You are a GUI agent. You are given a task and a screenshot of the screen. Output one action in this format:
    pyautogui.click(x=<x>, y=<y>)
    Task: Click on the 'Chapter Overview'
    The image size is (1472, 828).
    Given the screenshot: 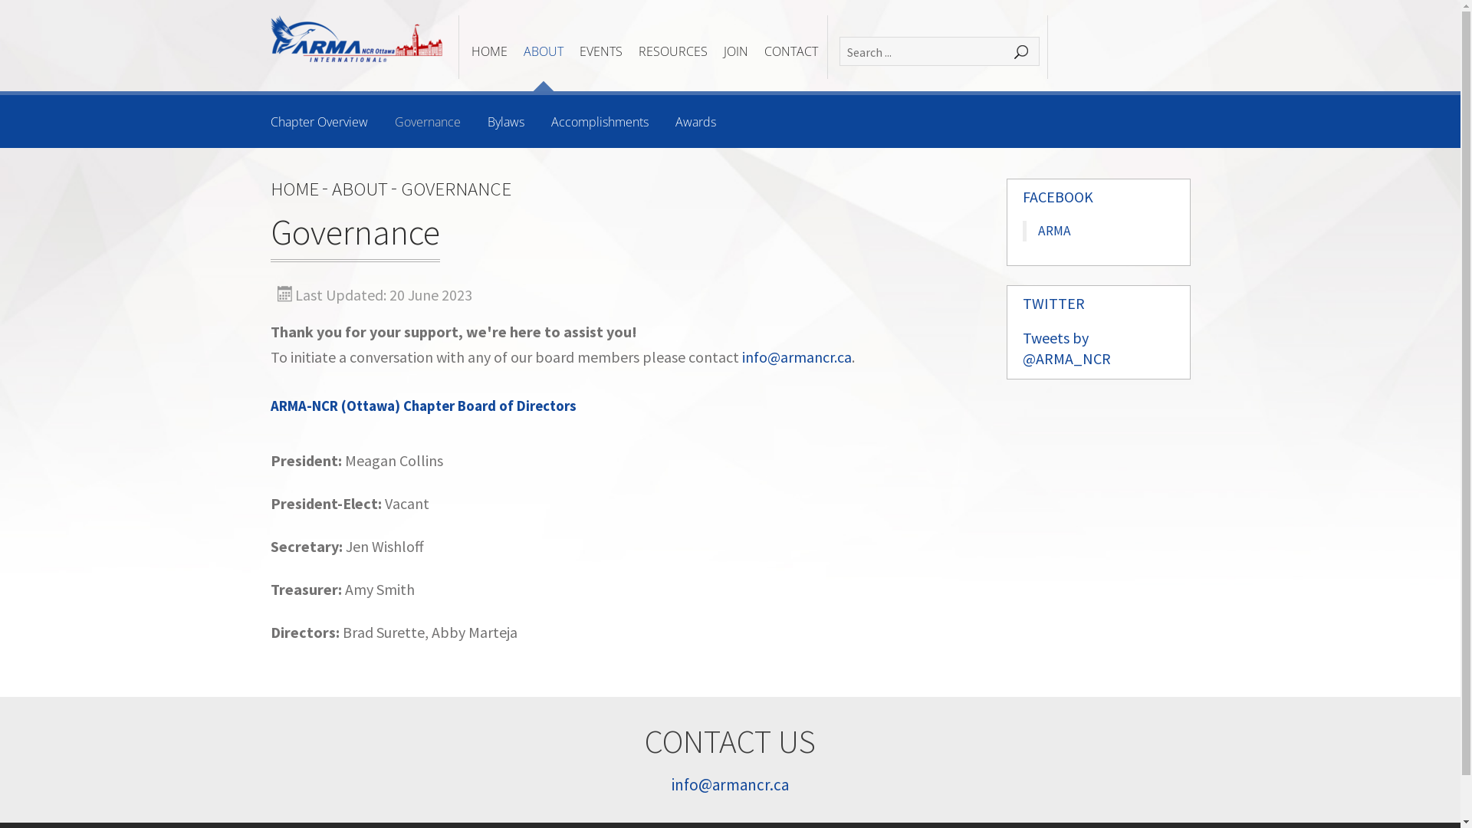 What is the action you would take?
    pyautogui.click(x=317, y=120)
    